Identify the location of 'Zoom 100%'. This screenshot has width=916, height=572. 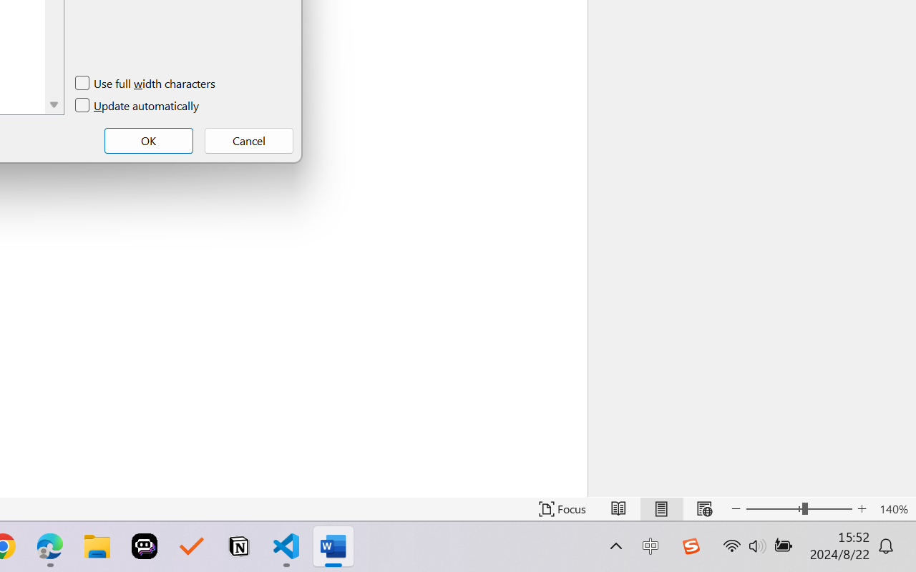
(882, 531).